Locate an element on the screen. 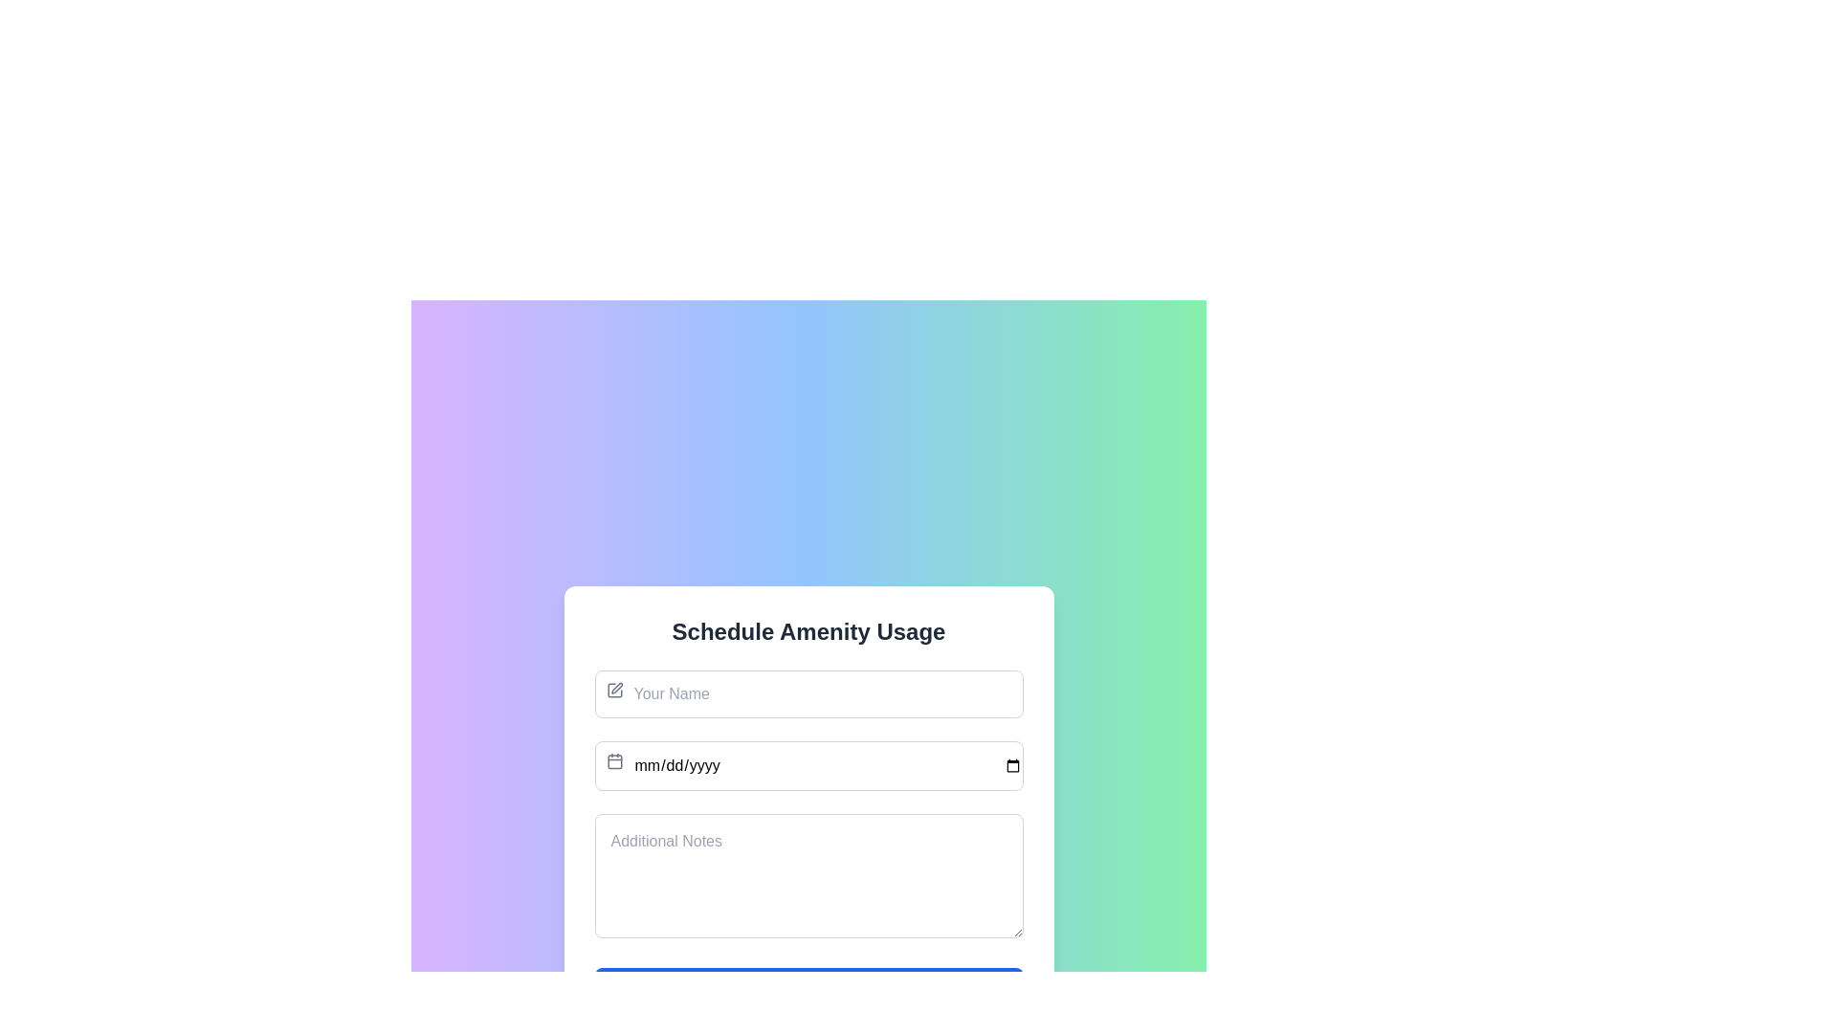 This screenshot has height=1033, width=1837. the 'Submit' button at the bottom of the 'Schedule Amenity Usage' form to confirm the reservation is located at coordinates (808, 991).